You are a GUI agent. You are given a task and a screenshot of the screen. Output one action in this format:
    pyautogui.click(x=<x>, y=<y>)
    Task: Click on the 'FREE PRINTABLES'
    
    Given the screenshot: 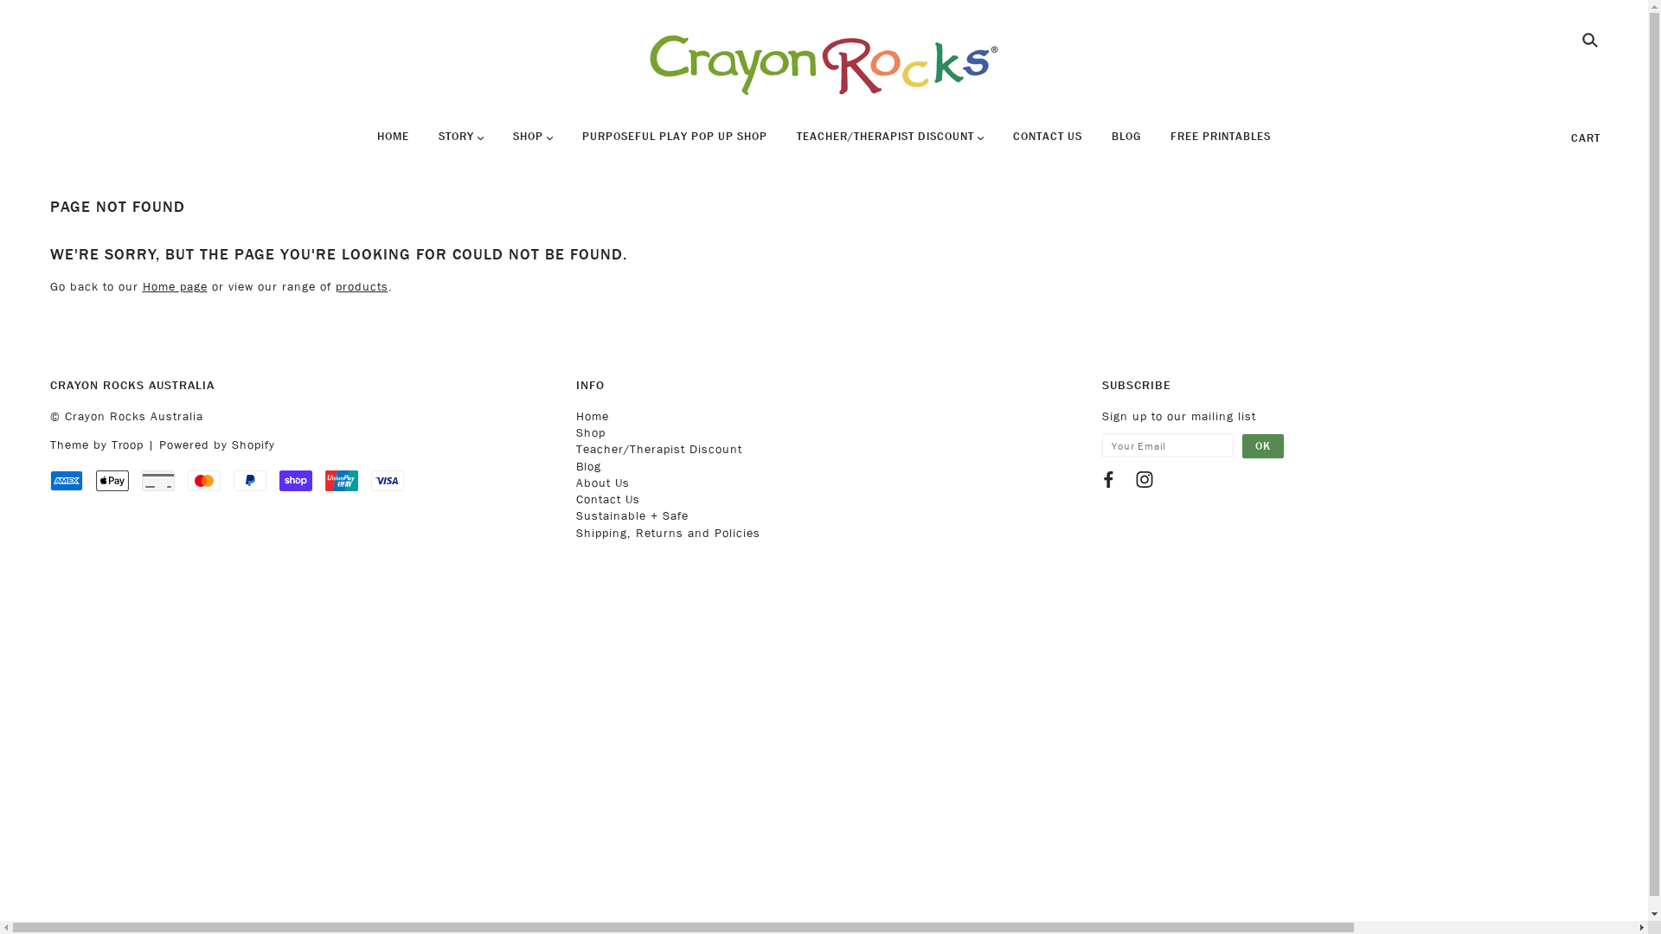 What is the action you would take?
    pyautogui.click(x=1220, y=143)
    